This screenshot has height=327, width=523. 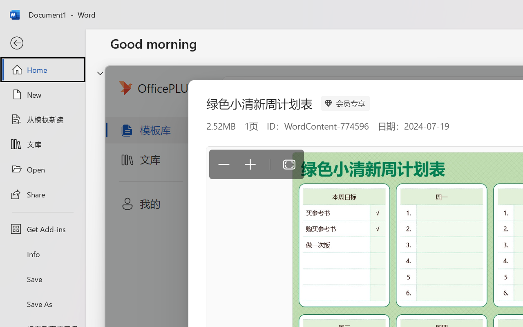 I want to click on 'New', so click(x=42, y=94).